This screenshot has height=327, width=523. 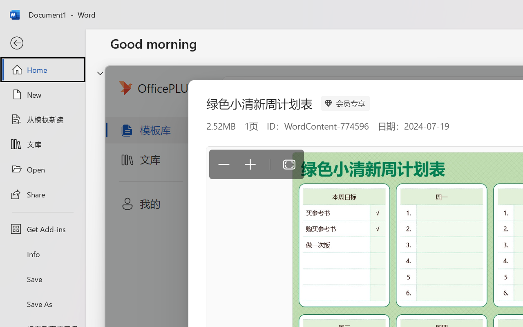 I want to click on 'New', so click(x=42, y=94).